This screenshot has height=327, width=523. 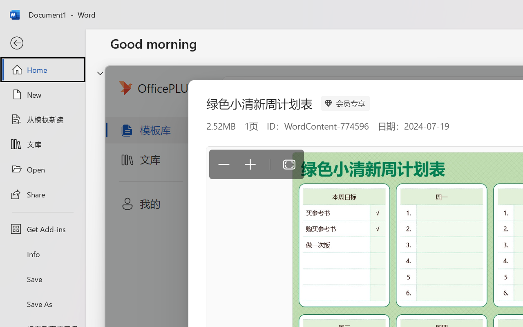 I want to click on 'New', so click(x=42, y=94).